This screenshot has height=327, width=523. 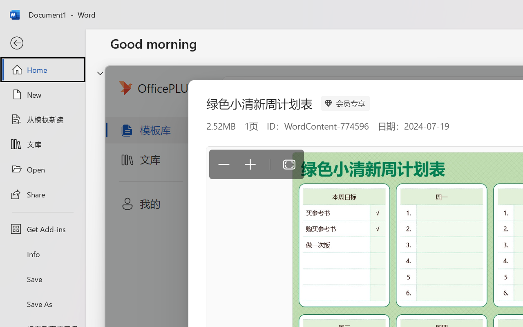 I want to click on 'New', so click(x=42, y=94).